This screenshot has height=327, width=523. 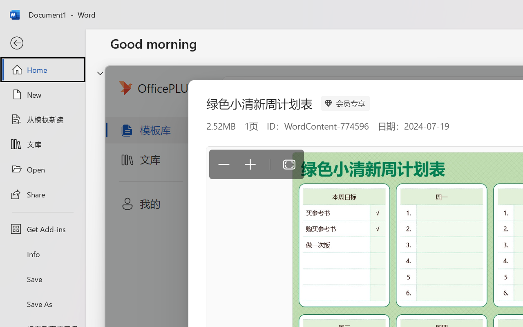 I want to click on 'New', so click(x=42, y=94).